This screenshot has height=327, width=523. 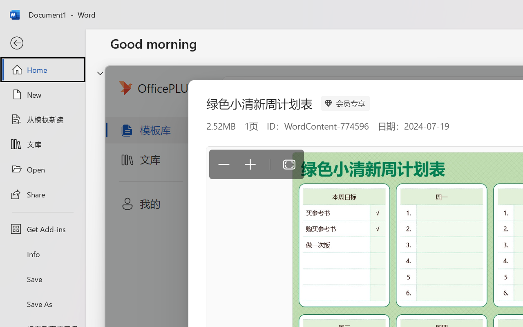 I want to click on 'New', so click(x=42, y=94).